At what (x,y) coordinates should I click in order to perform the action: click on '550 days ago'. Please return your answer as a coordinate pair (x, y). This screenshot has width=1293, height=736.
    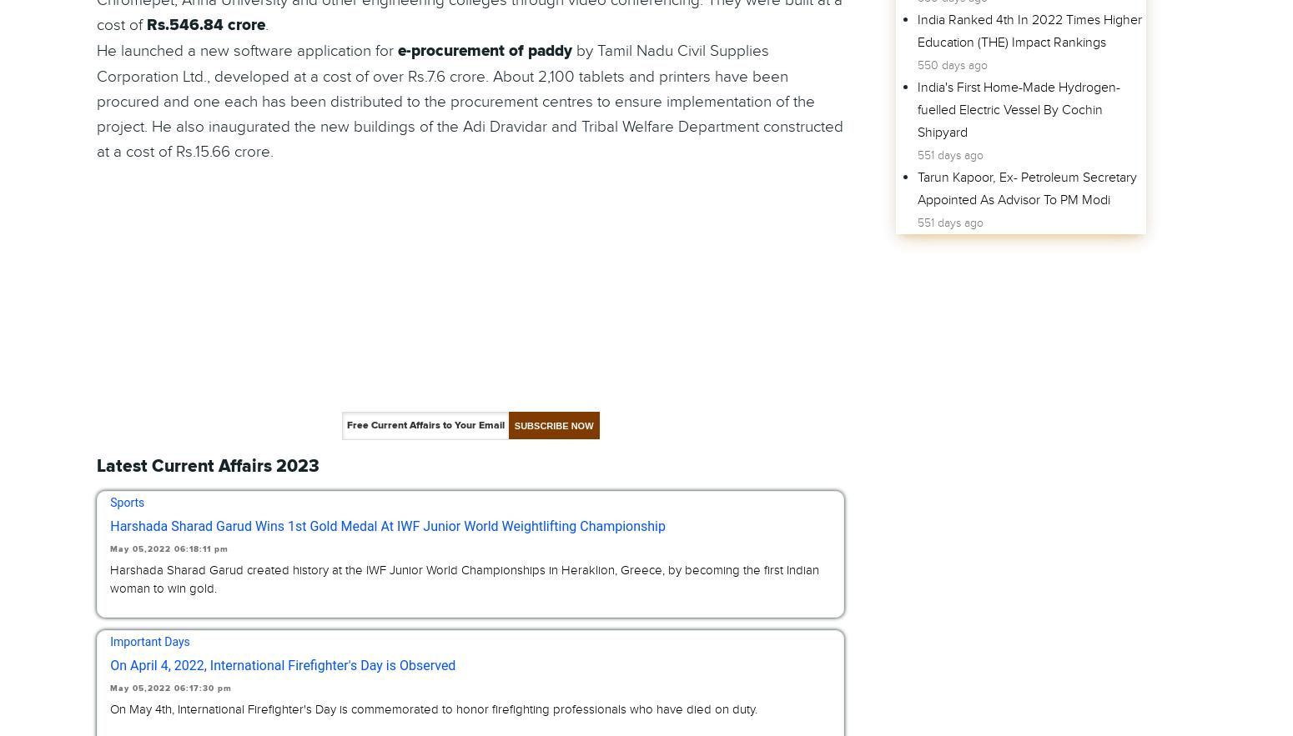
    Looking at the image, I should click on (950, 64).